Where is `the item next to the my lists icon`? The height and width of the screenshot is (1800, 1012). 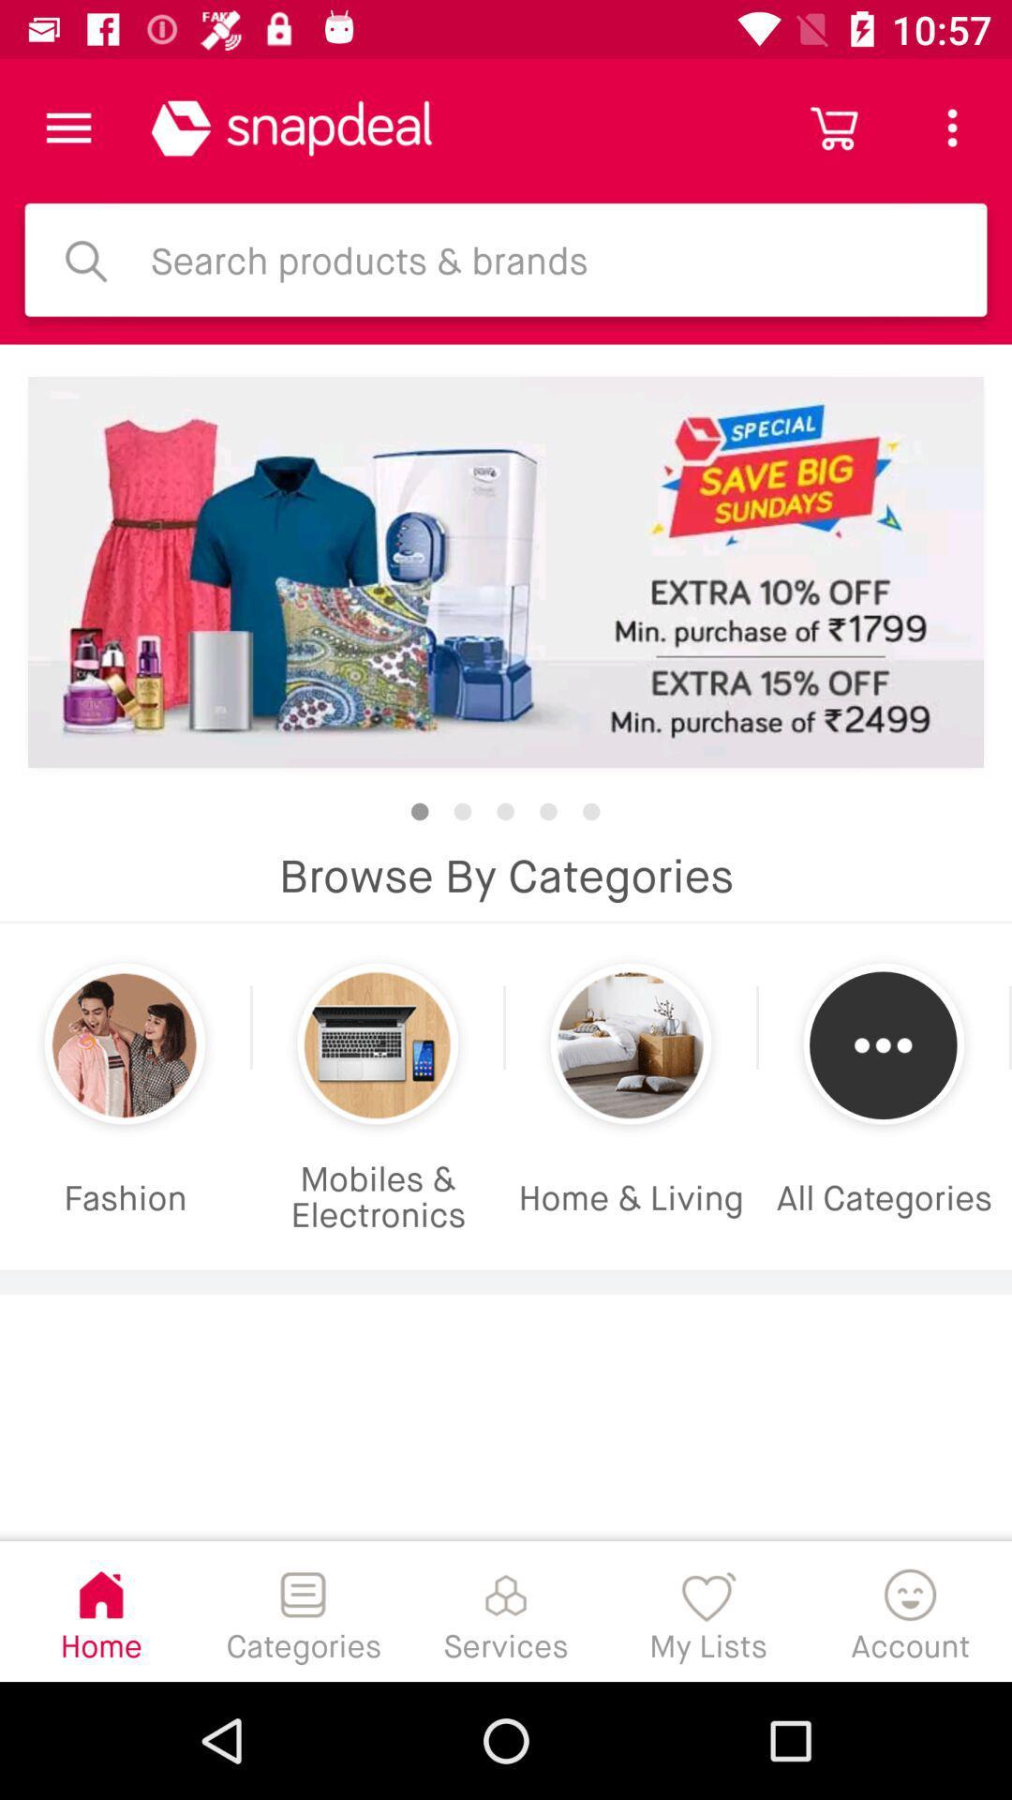
the item next to the my lists icon is located at coordinates (910, 1610).